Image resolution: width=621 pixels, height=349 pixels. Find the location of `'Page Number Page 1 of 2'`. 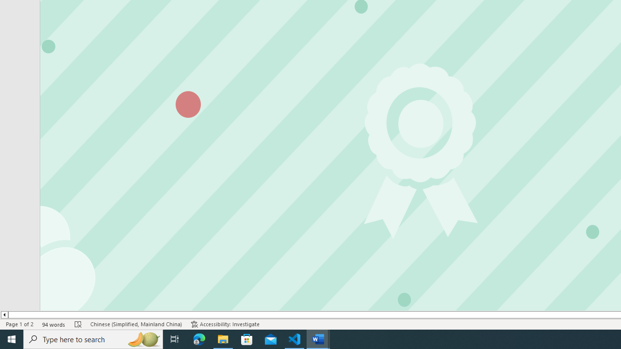

'Page Number Page 1 of 2' is located at coordinates (19, 324).